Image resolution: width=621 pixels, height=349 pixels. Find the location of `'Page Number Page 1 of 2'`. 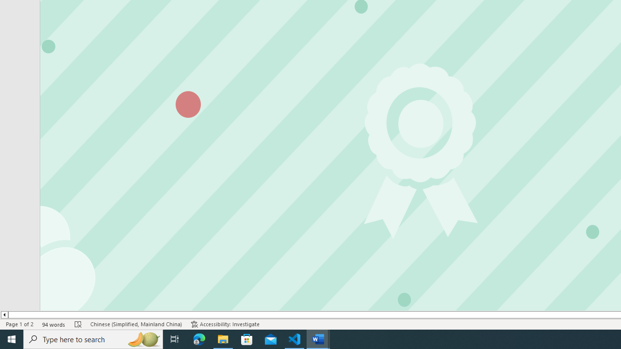

'Page Number Page 1 of 2' is located at coordinates (19, 324).